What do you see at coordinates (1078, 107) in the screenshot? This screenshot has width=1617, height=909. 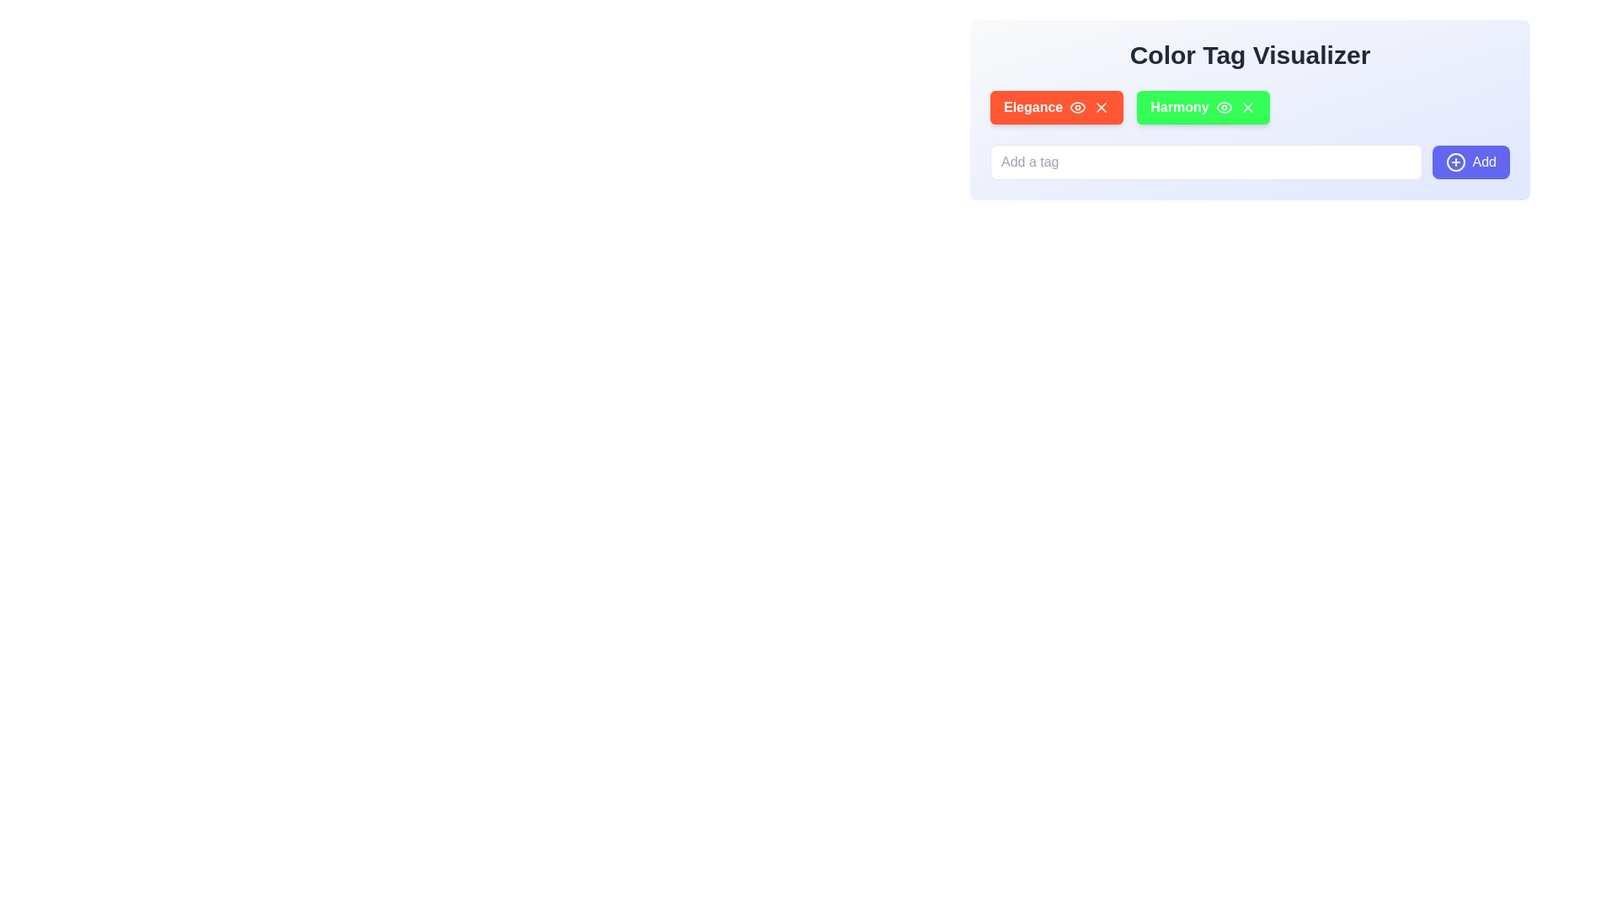 I see `the visibility icon located to the right of the 'Elegance' label` at bounding box center [1078, 107].